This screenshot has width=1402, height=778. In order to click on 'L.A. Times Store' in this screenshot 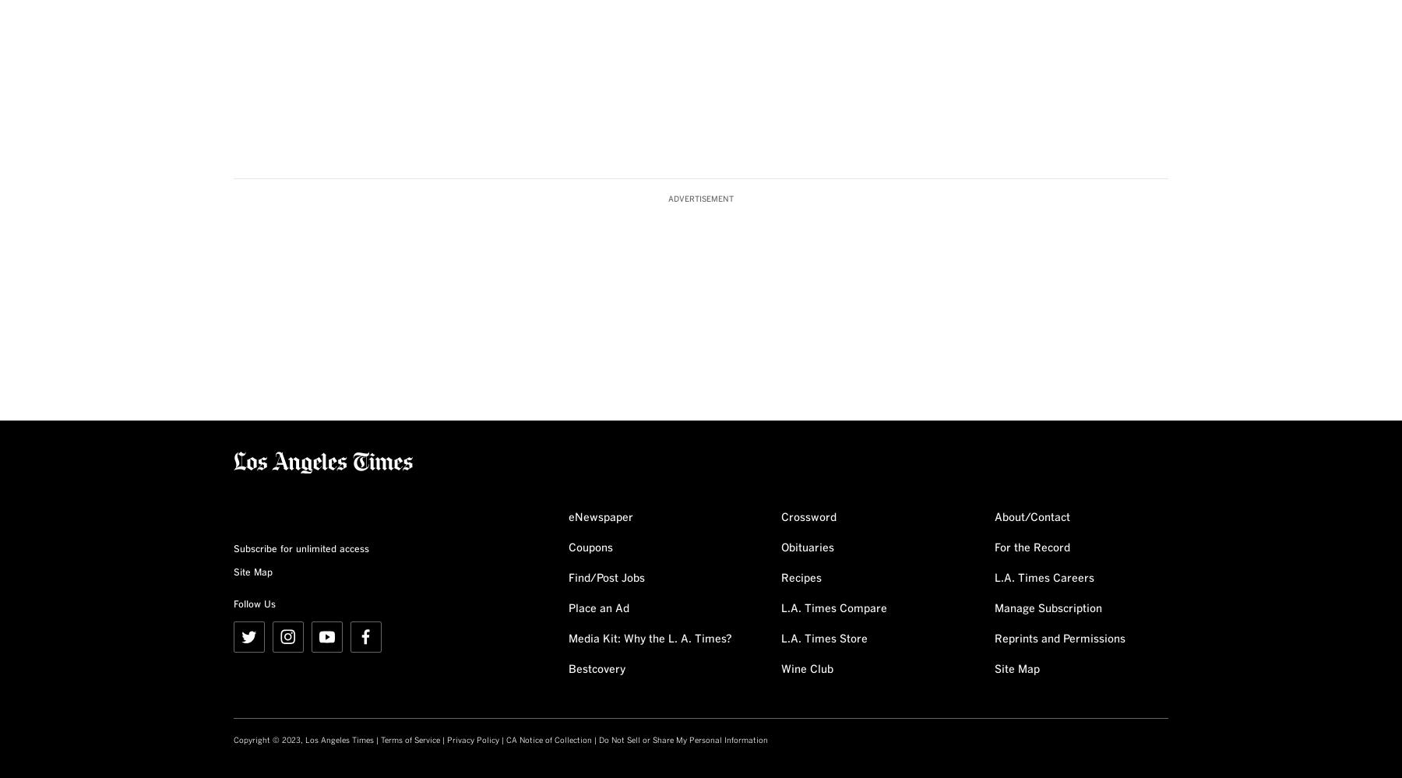, I will do `click(780, 639)`.